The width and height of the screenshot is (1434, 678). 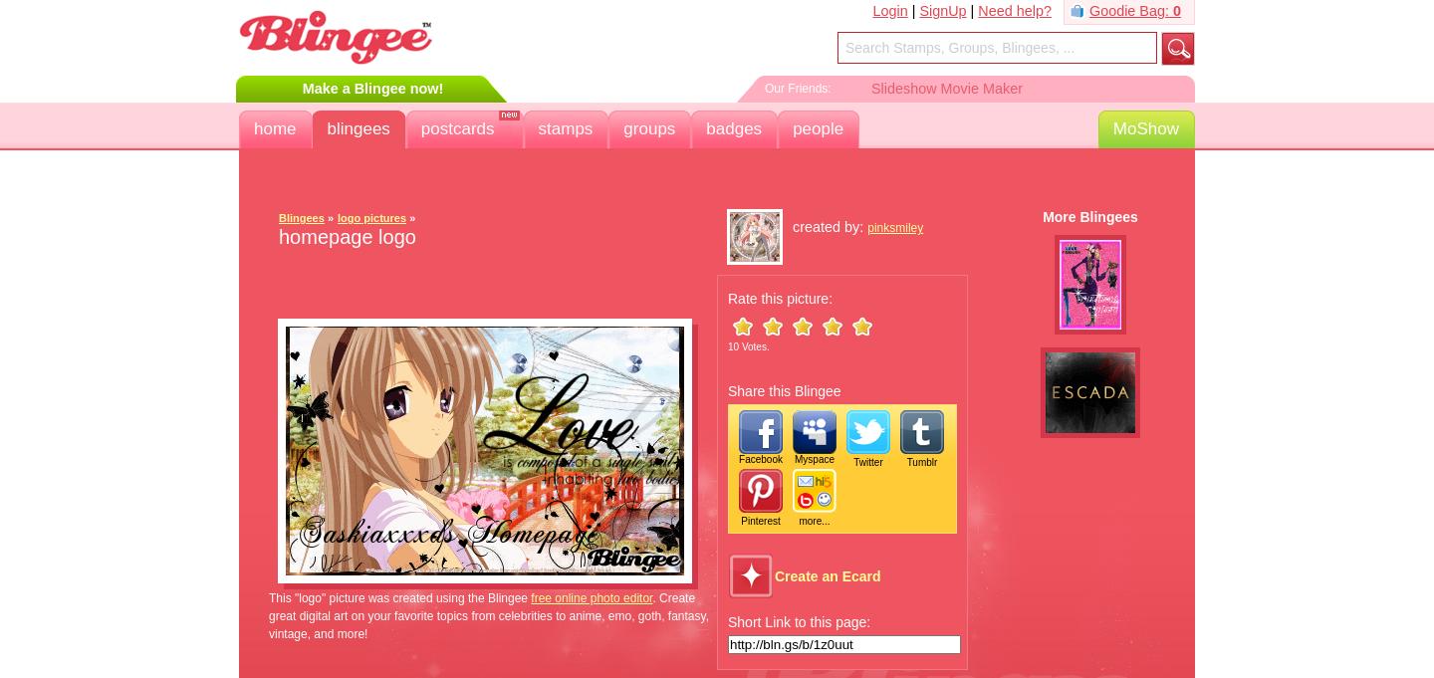 I want to click on 'More Blingees', so click(x=1043, y=216).